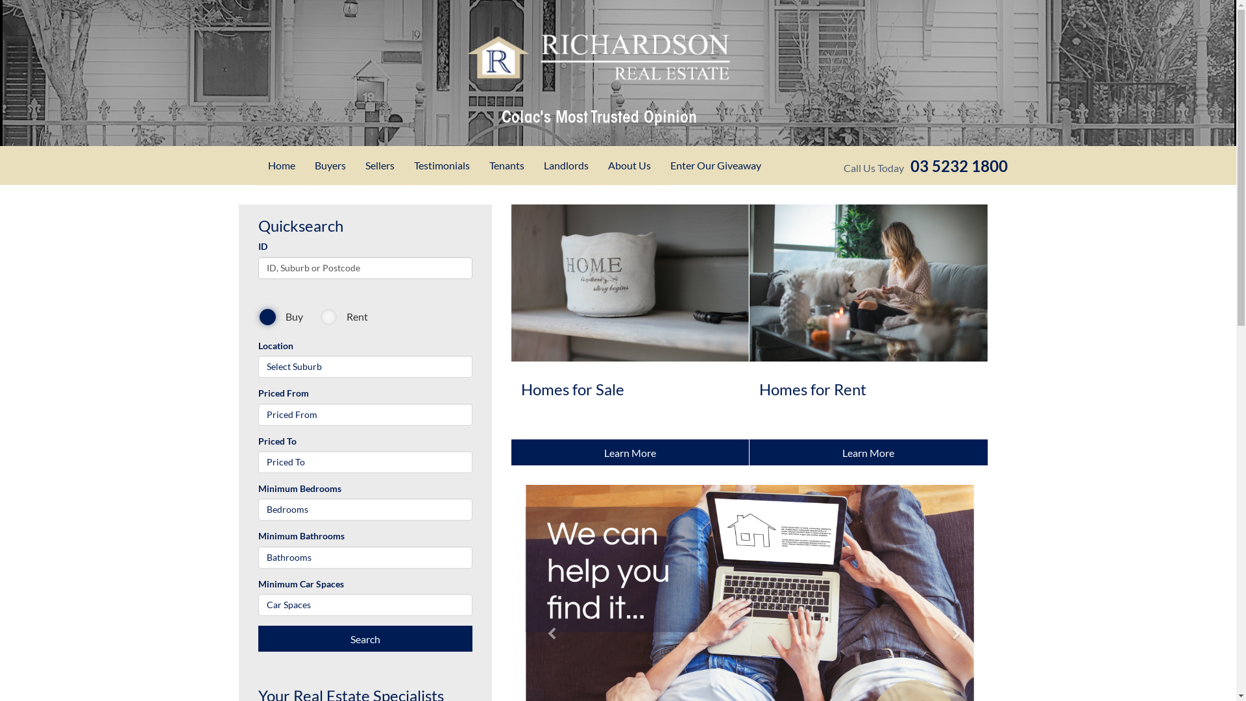 The width and height of the screenshot is (1246, 701). Describe the element at coordinates (715, 164) in the screenshot. I see `'Enter Our Giveaway'` at that location.